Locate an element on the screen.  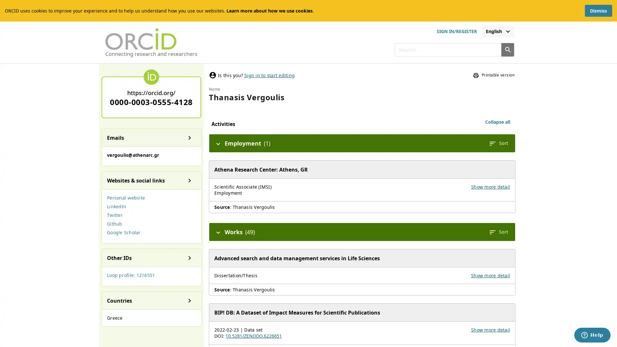
Search is located at coordinates (507, 49).